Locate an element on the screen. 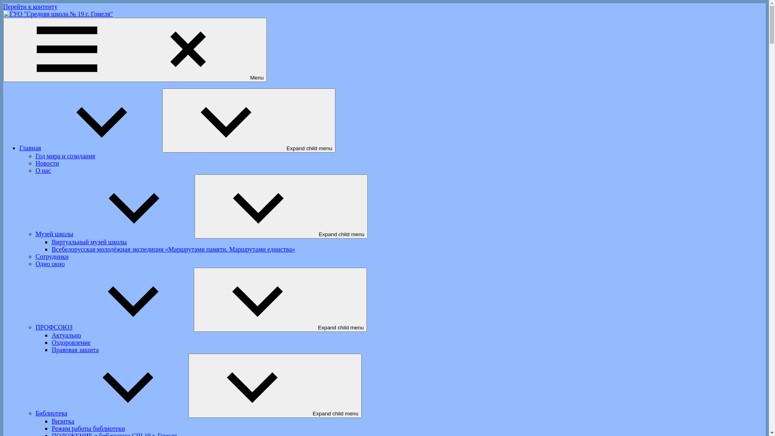 Image resolution: width=775 pixels, height=436 pixels. 'Expand child menu' is located at coordinates (248, 120).